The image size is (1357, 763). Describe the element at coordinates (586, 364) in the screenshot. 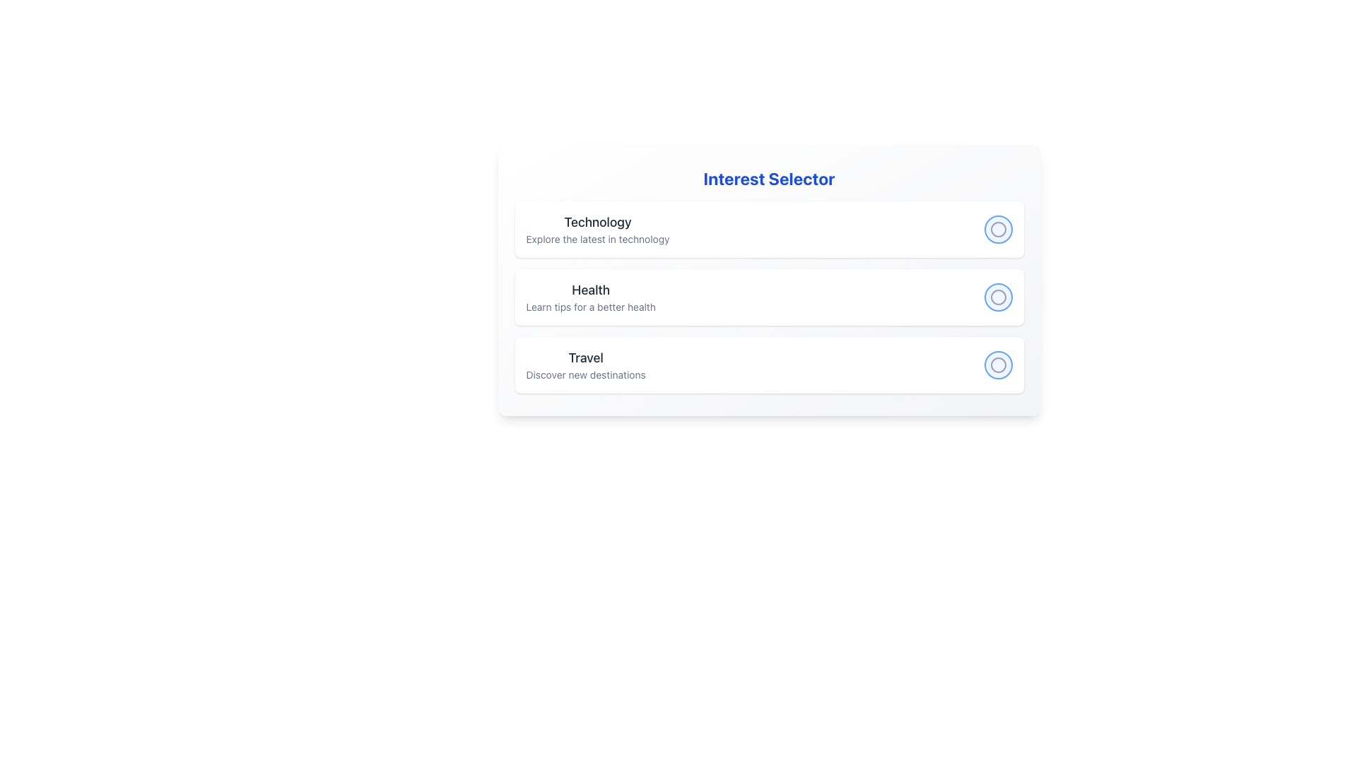

I see `text content of the 'Travel' category description, which is displayed in a bold, larger black font followed by a smaller, lighter gray font stating 'Discover new destinations.' This text is part of the 'Interest Selector' interface and is located in the third entry of a vertically stacked list` at that location.